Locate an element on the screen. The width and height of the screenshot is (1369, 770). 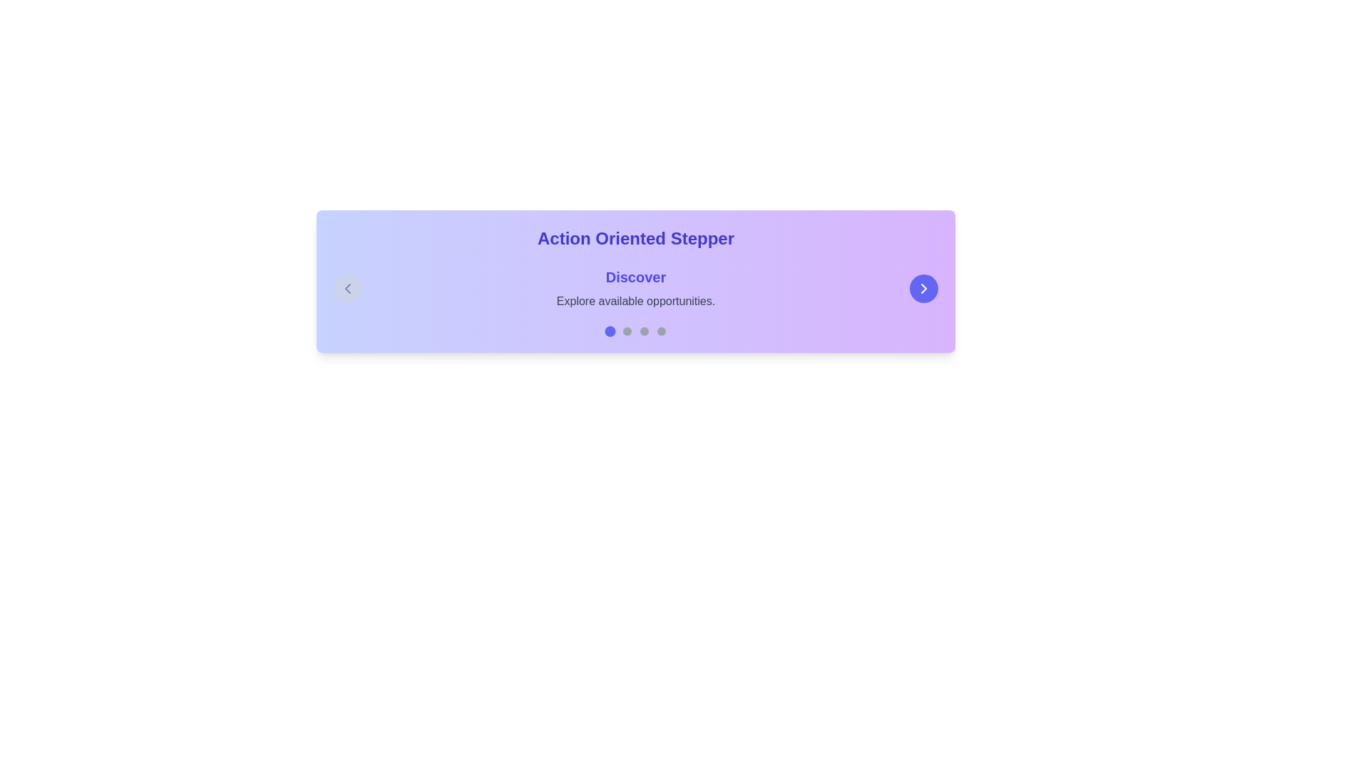
the static text element displaying 'Explore available opportunities.' which is styled with a gray font and positioned below the text 'Discover' is located at coordinates (635, 301).